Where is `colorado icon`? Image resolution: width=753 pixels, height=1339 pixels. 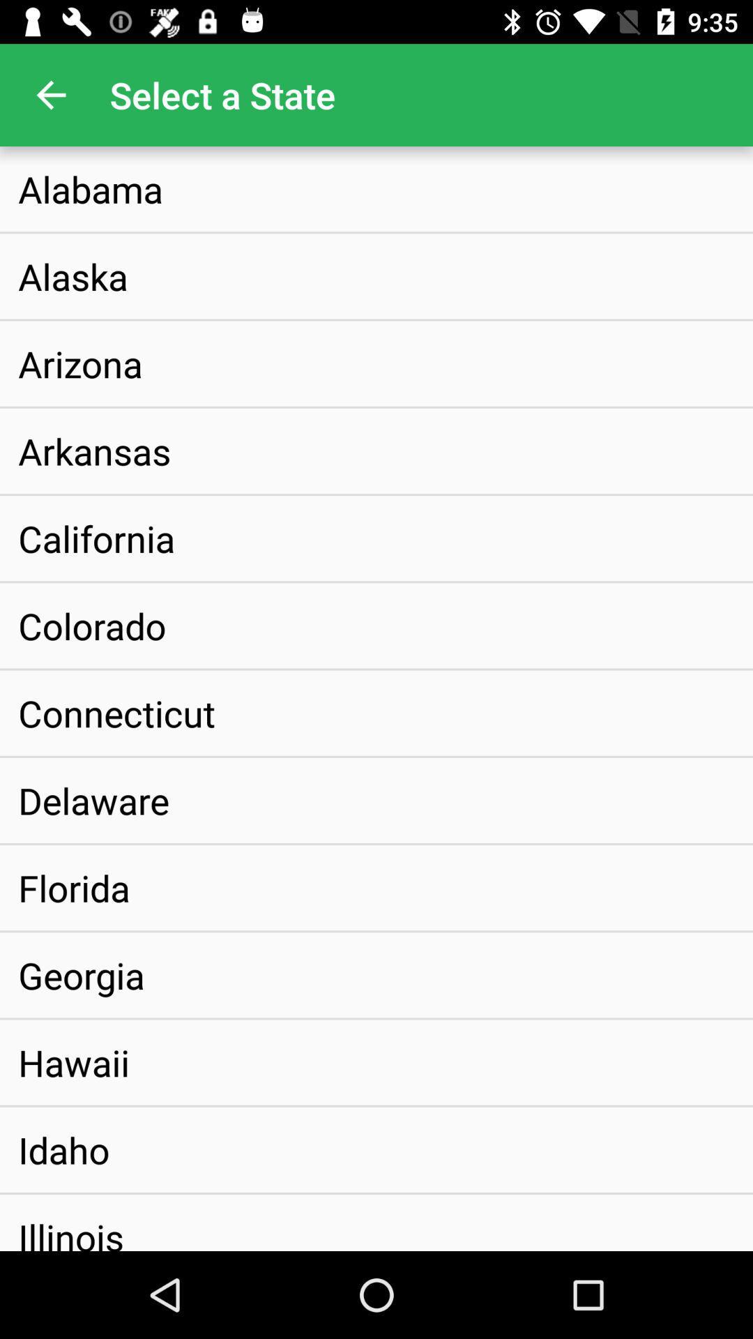 colorado icon is located at coordinates (92, 625).